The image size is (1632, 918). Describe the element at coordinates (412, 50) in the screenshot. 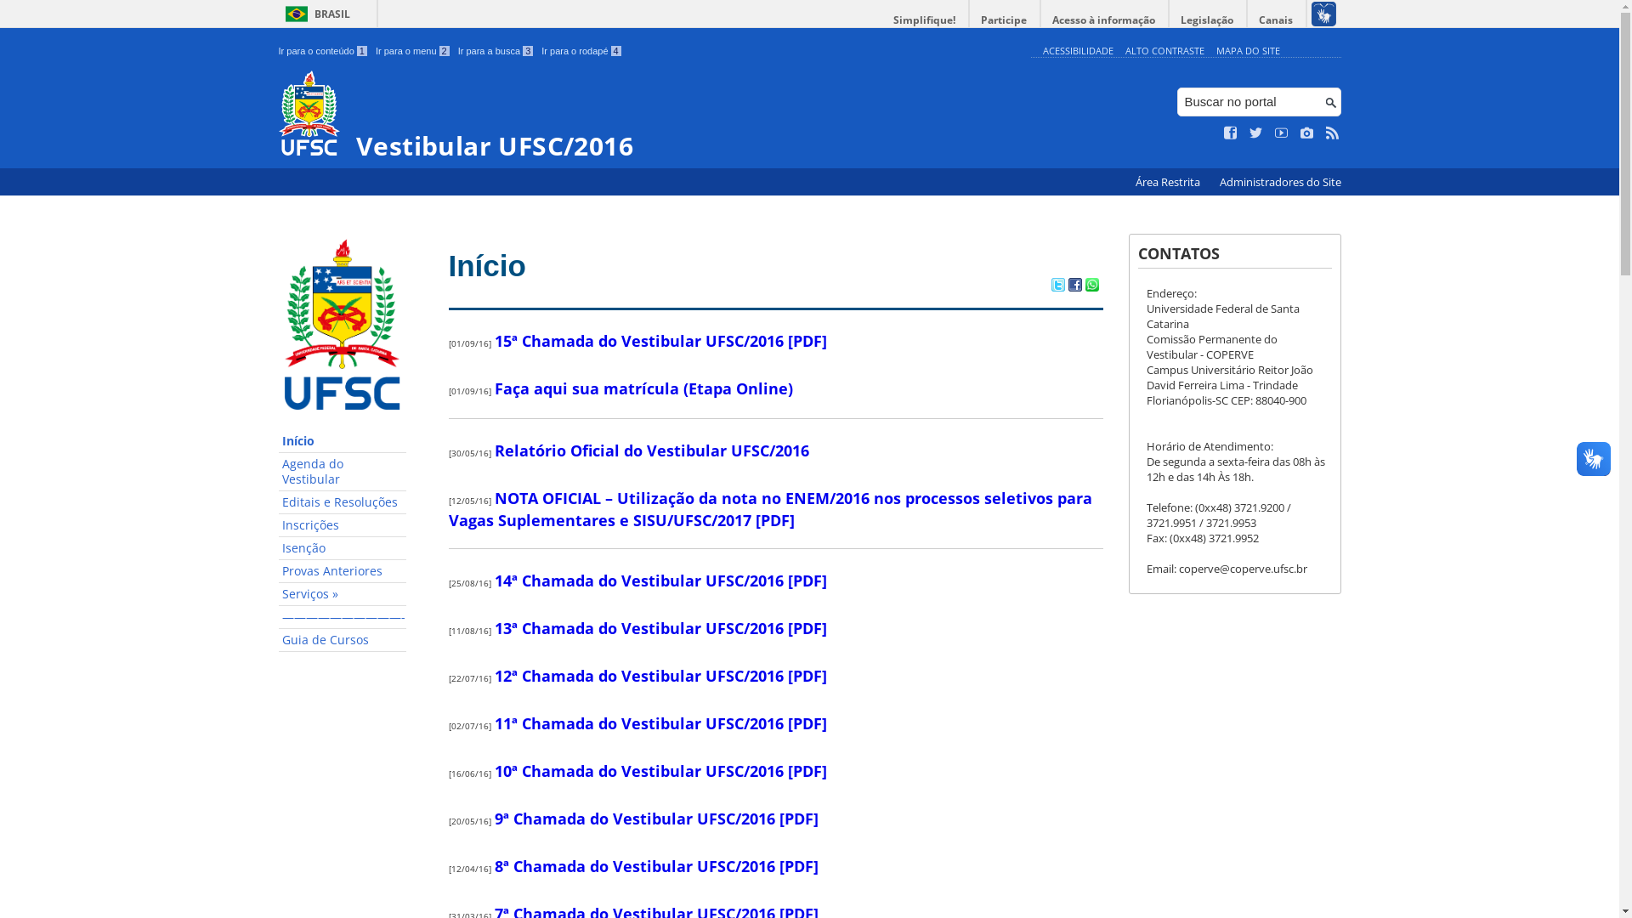

I see `'Ir para o menu 2'` at that location.